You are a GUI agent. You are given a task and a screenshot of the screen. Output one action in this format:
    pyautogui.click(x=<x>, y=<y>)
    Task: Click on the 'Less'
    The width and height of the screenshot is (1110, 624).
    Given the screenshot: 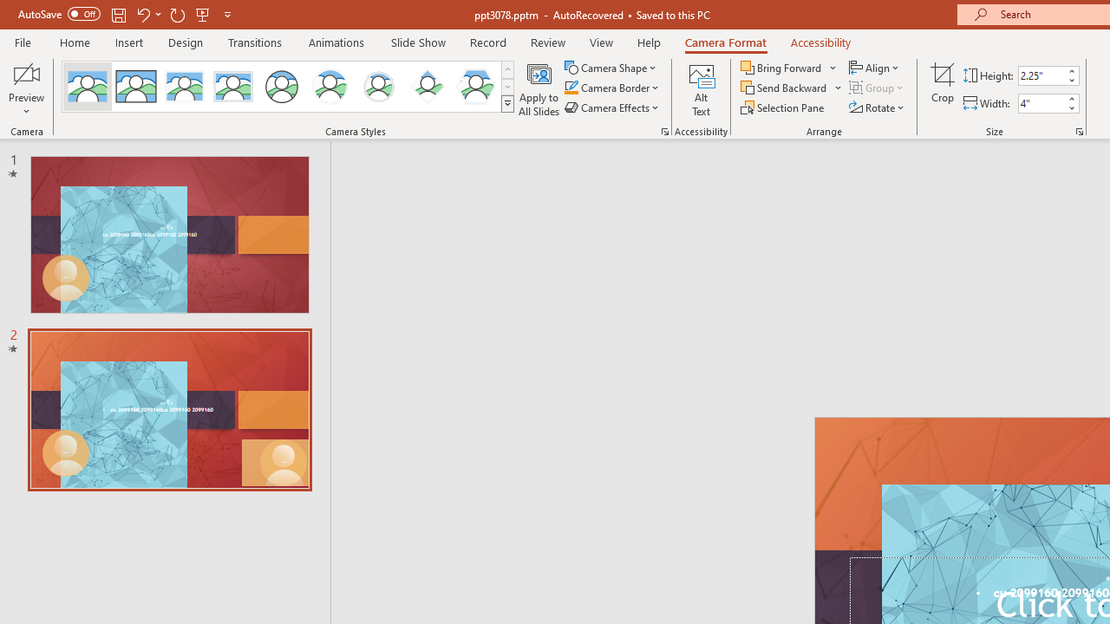 What is the action you would take?
    pyautogui.click(x=1070, y=107)
    